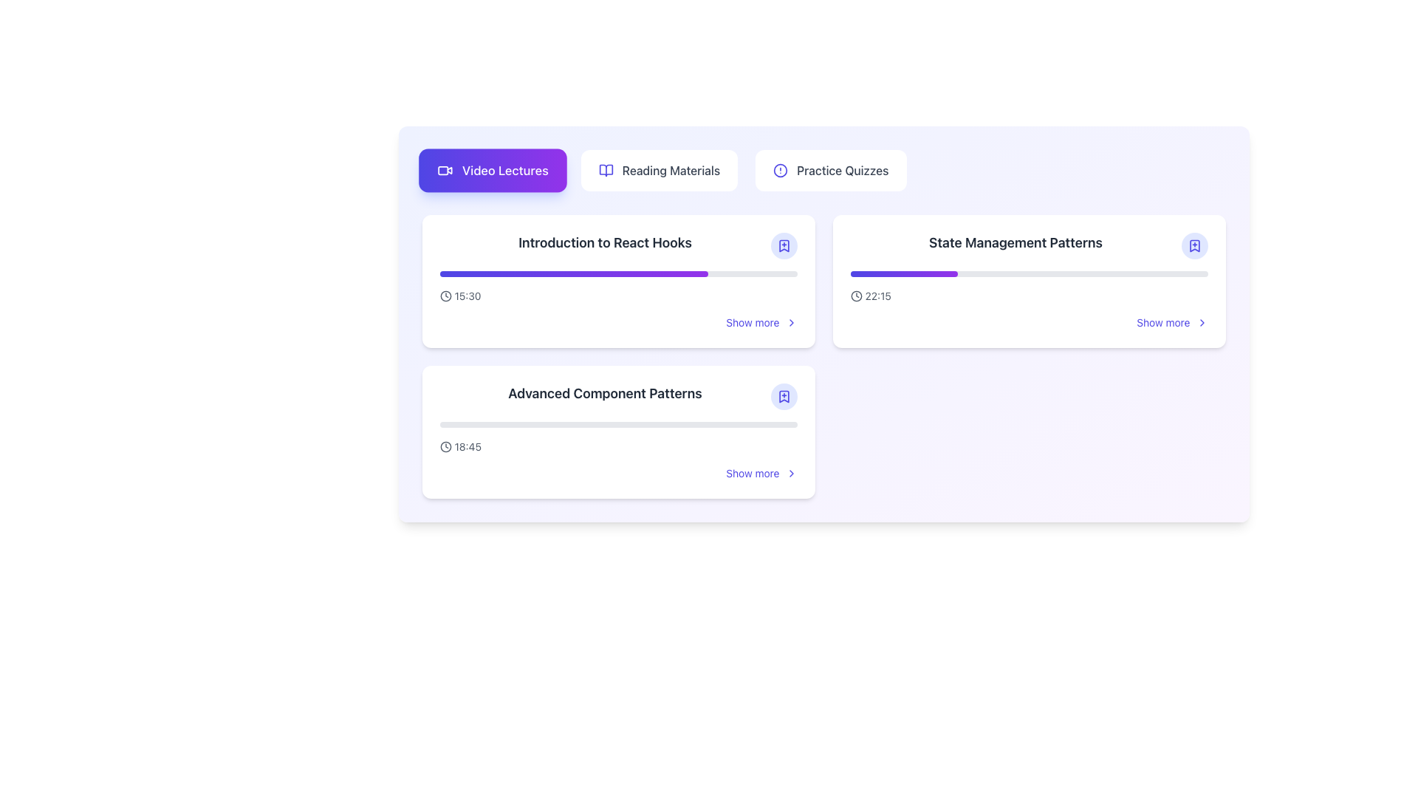 Image resolution: width=1418 pixels, height=798 pixels. What do you see at coordinates (1171, 321) in the screenshot?
I see `the 'Show more' hyperlink styled in indigo-blue font with an arrow icon, located at the bottom-right corner of the 'State Management Patterns' panel` at bounding box center [1171, 321].